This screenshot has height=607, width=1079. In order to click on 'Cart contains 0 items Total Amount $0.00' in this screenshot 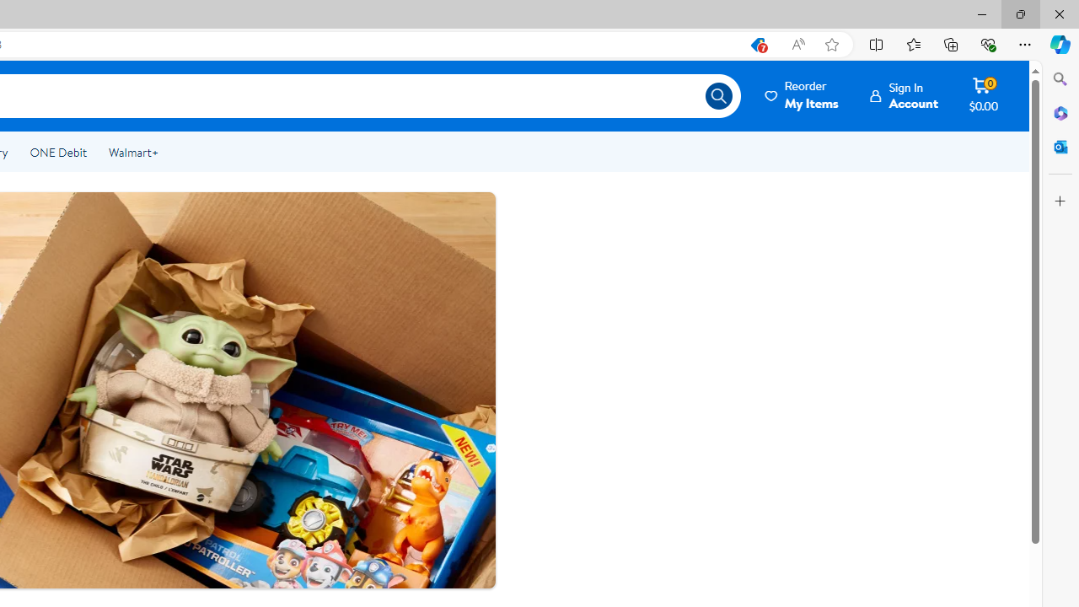, I will do `click(983, 95)`.